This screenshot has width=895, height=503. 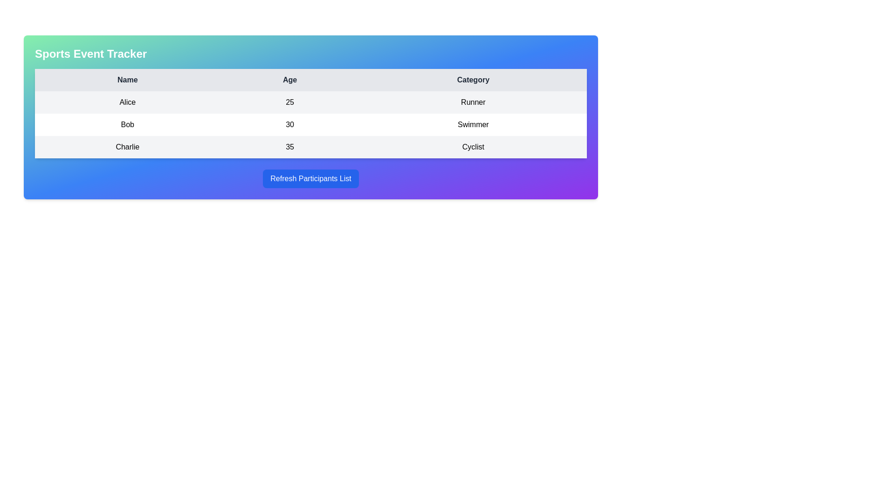 What do you see at coordinates (127, 147) in the screenshot?
I see `the text element containing 'Charlie' located in the first column of the third row in the table` at bounding box center [127, 147].